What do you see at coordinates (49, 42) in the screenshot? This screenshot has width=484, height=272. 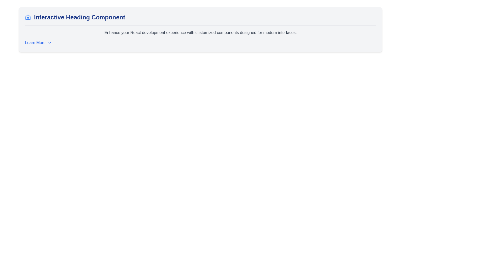 I see `the small downward-pointing chevron icon located immediately to the right of the 'Learn More' text button` at bounding box center [49, 42].